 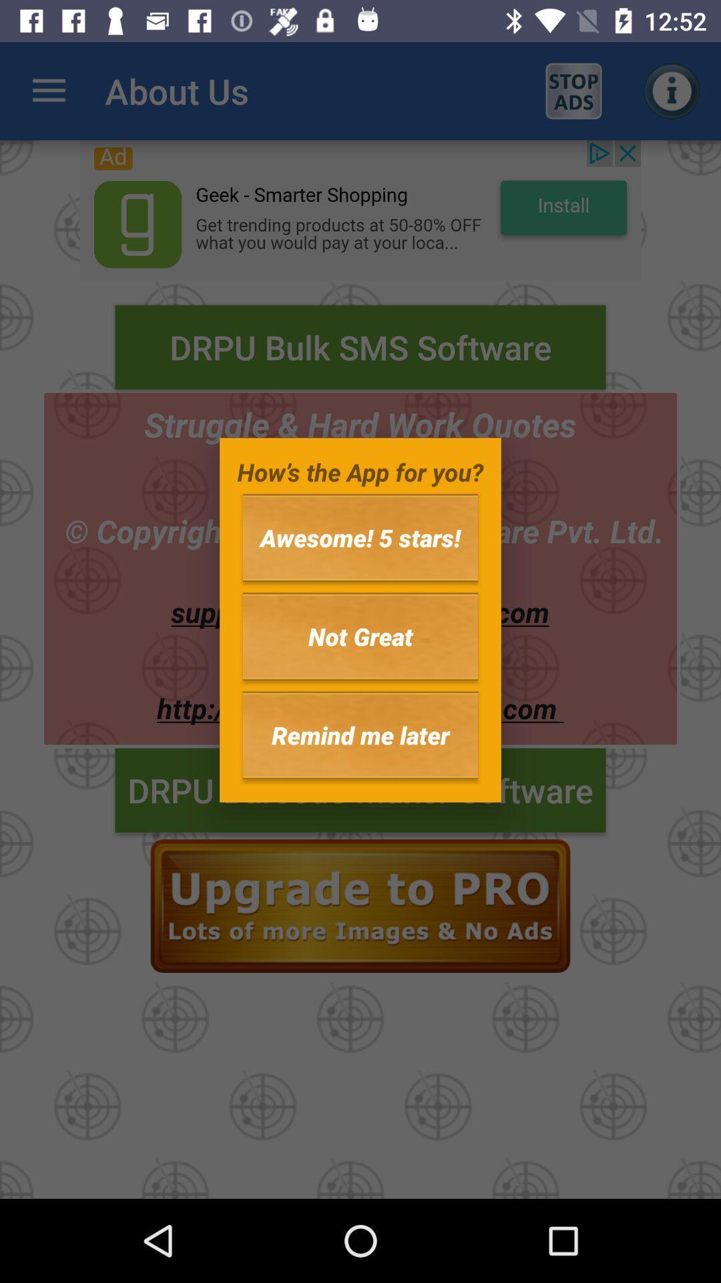 What do you see at coordinates (360, 734) in the screenshot?
I see `icon below not great` at bounding box center [360, 734].